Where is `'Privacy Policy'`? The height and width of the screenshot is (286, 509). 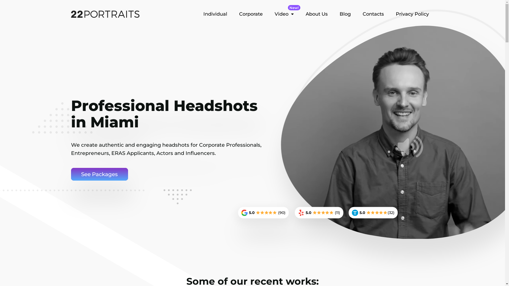 'Privacy Policy' is located at coordinates (412, 14).